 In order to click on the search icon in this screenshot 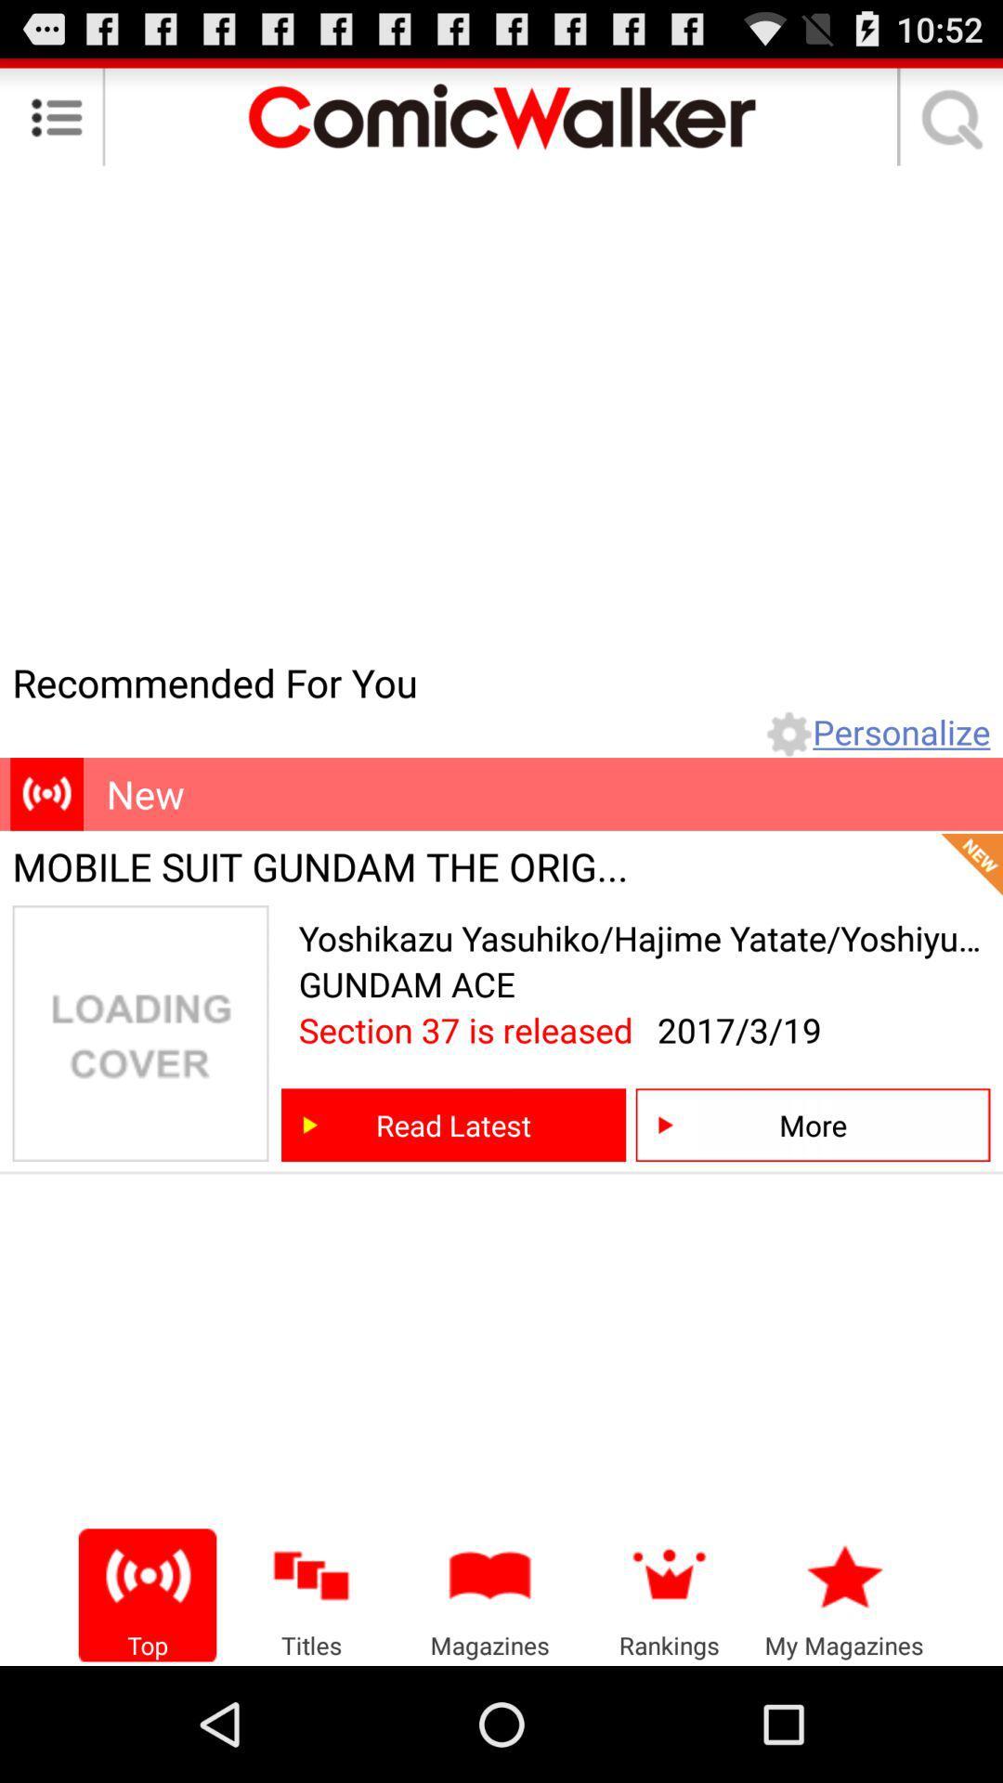, I will do `click(945, 124)`.